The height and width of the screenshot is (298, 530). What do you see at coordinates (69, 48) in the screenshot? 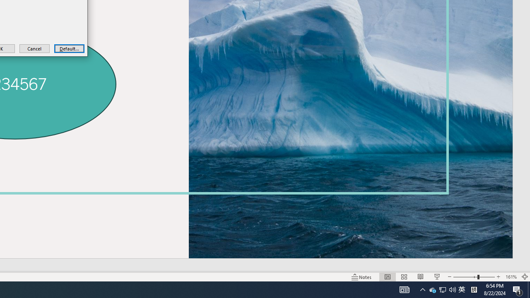
I see `'Default...'` at bounding box center [69, 48].